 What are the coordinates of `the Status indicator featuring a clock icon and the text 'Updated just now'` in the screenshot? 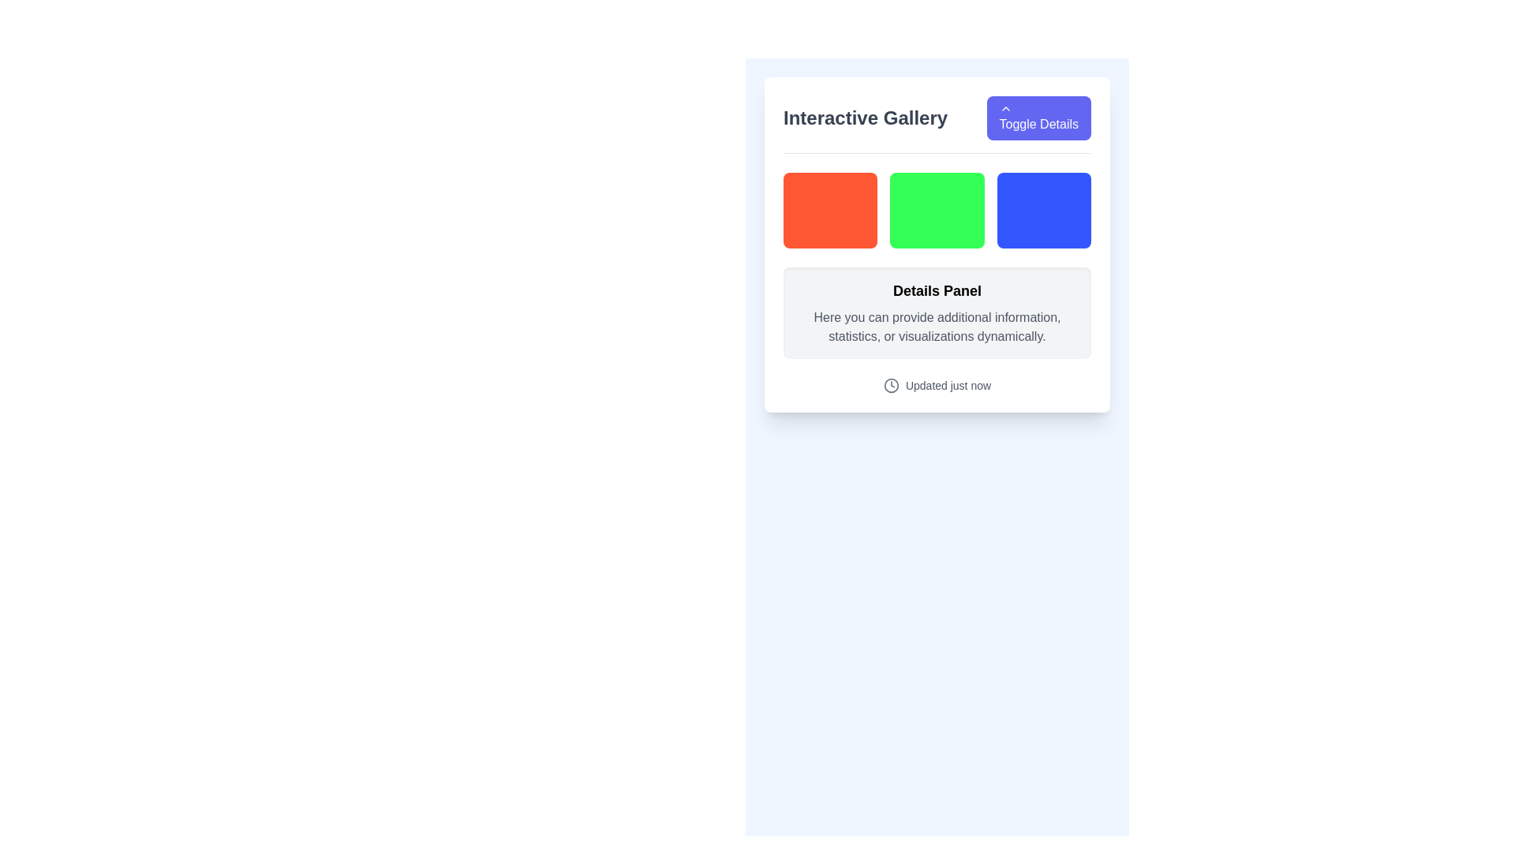 It's located at (937, 386).